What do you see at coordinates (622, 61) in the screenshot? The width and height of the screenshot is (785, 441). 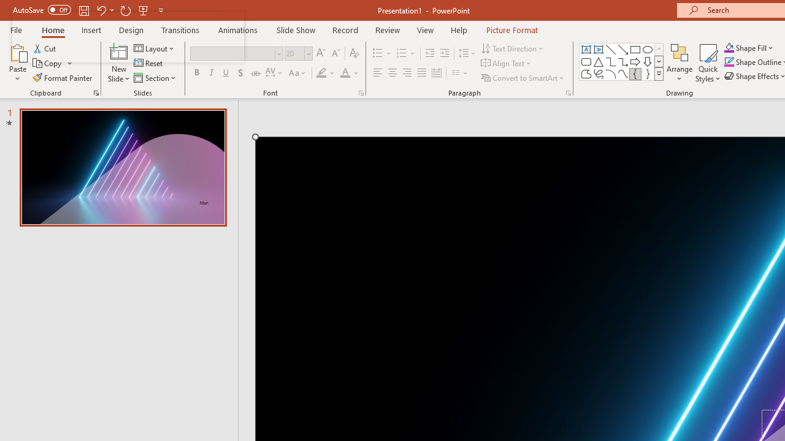 I see `'AutomationID: ShapesInsertGallery'` at bounding box center [622, 61].